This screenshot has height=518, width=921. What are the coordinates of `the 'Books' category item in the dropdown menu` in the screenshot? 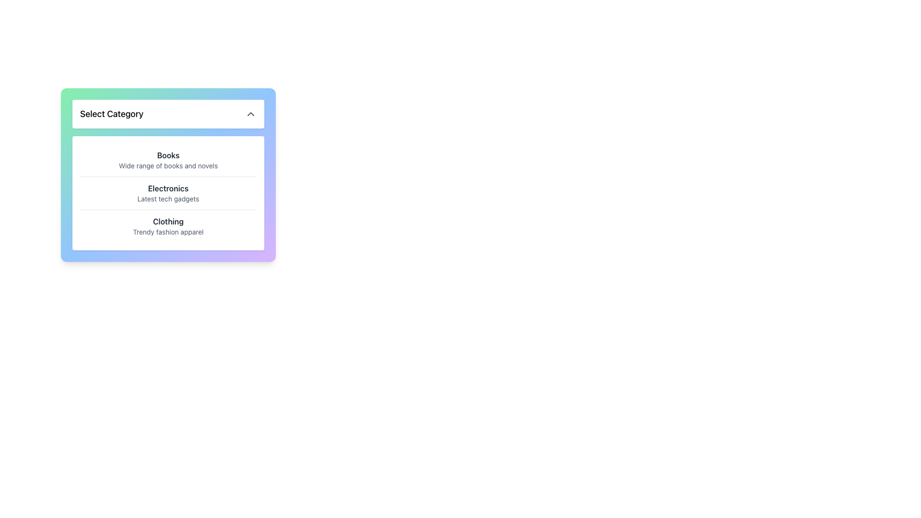 It's located at (168, 160).